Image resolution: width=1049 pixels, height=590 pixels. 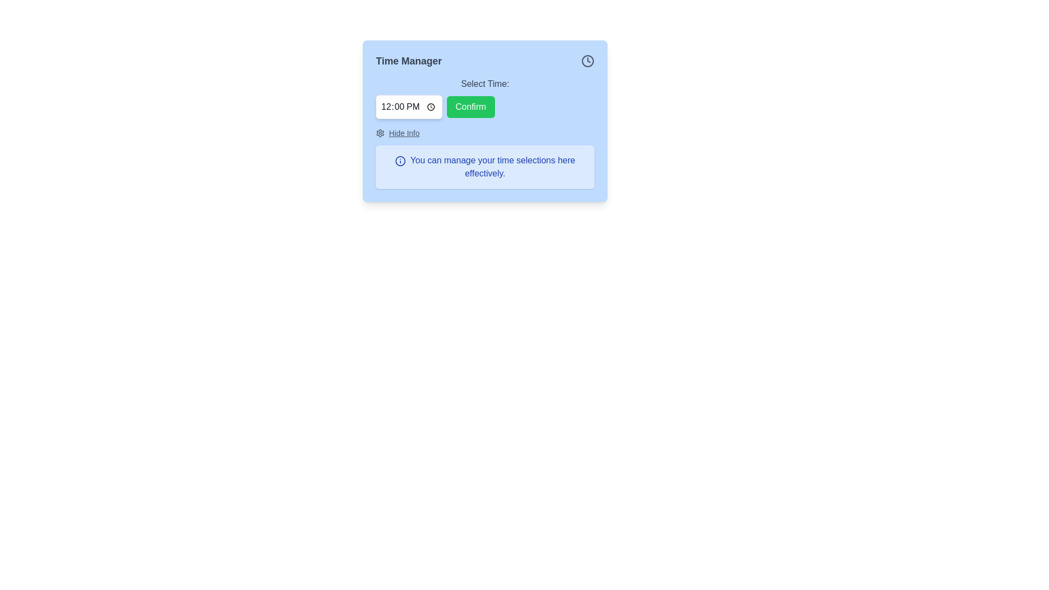 What do you see at coordinates (403, 132) in the screenshot?
I see `the text link located to the right of the settings icon at the bottom left of the 'Time Manager' card interface` at bounding box center [403, 132].